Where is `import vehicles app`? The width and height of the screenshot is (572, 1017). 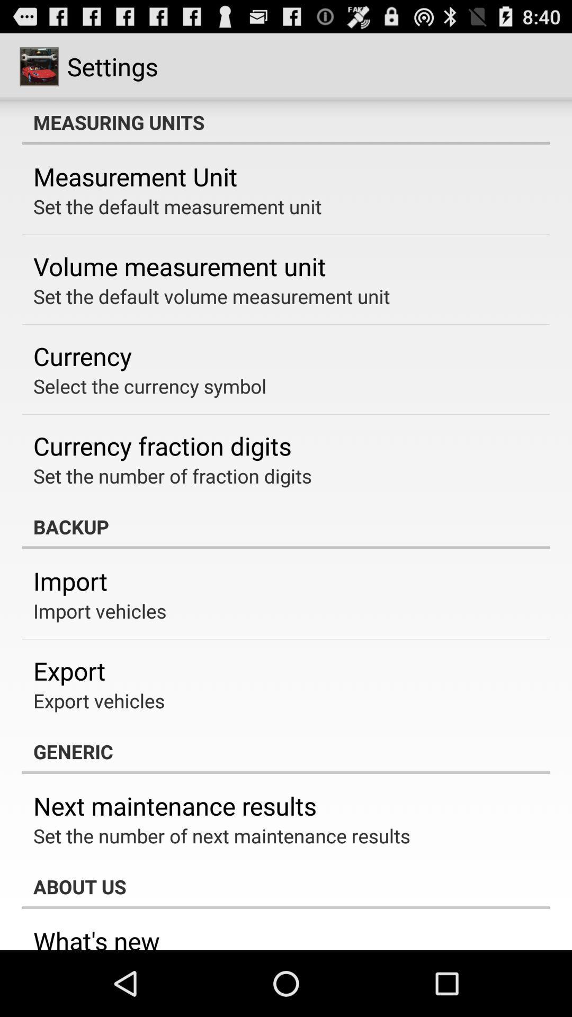
import vehicles app is located at coordinates (100, 611).